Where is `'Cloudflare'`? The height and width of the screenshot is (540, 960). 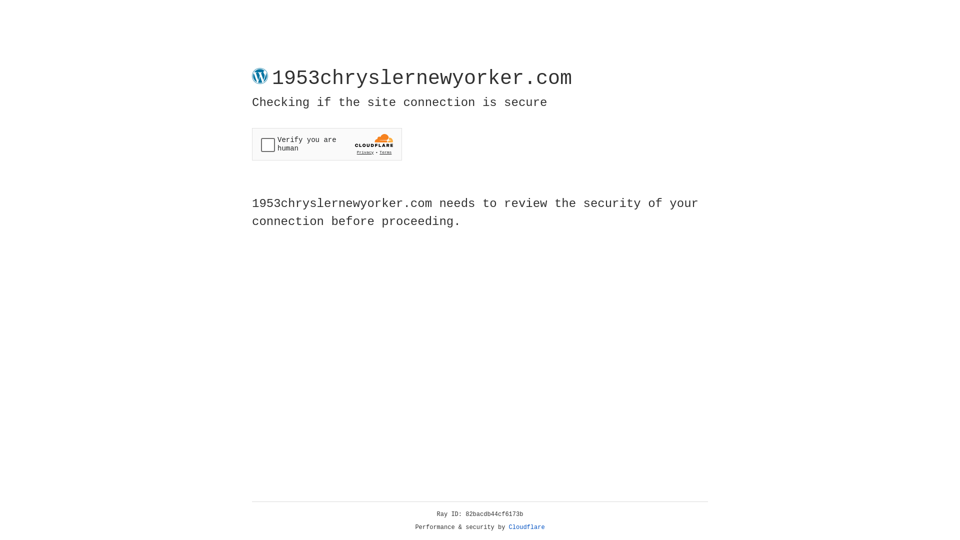
'Cloudflare' is located at coordinates (508, 527).